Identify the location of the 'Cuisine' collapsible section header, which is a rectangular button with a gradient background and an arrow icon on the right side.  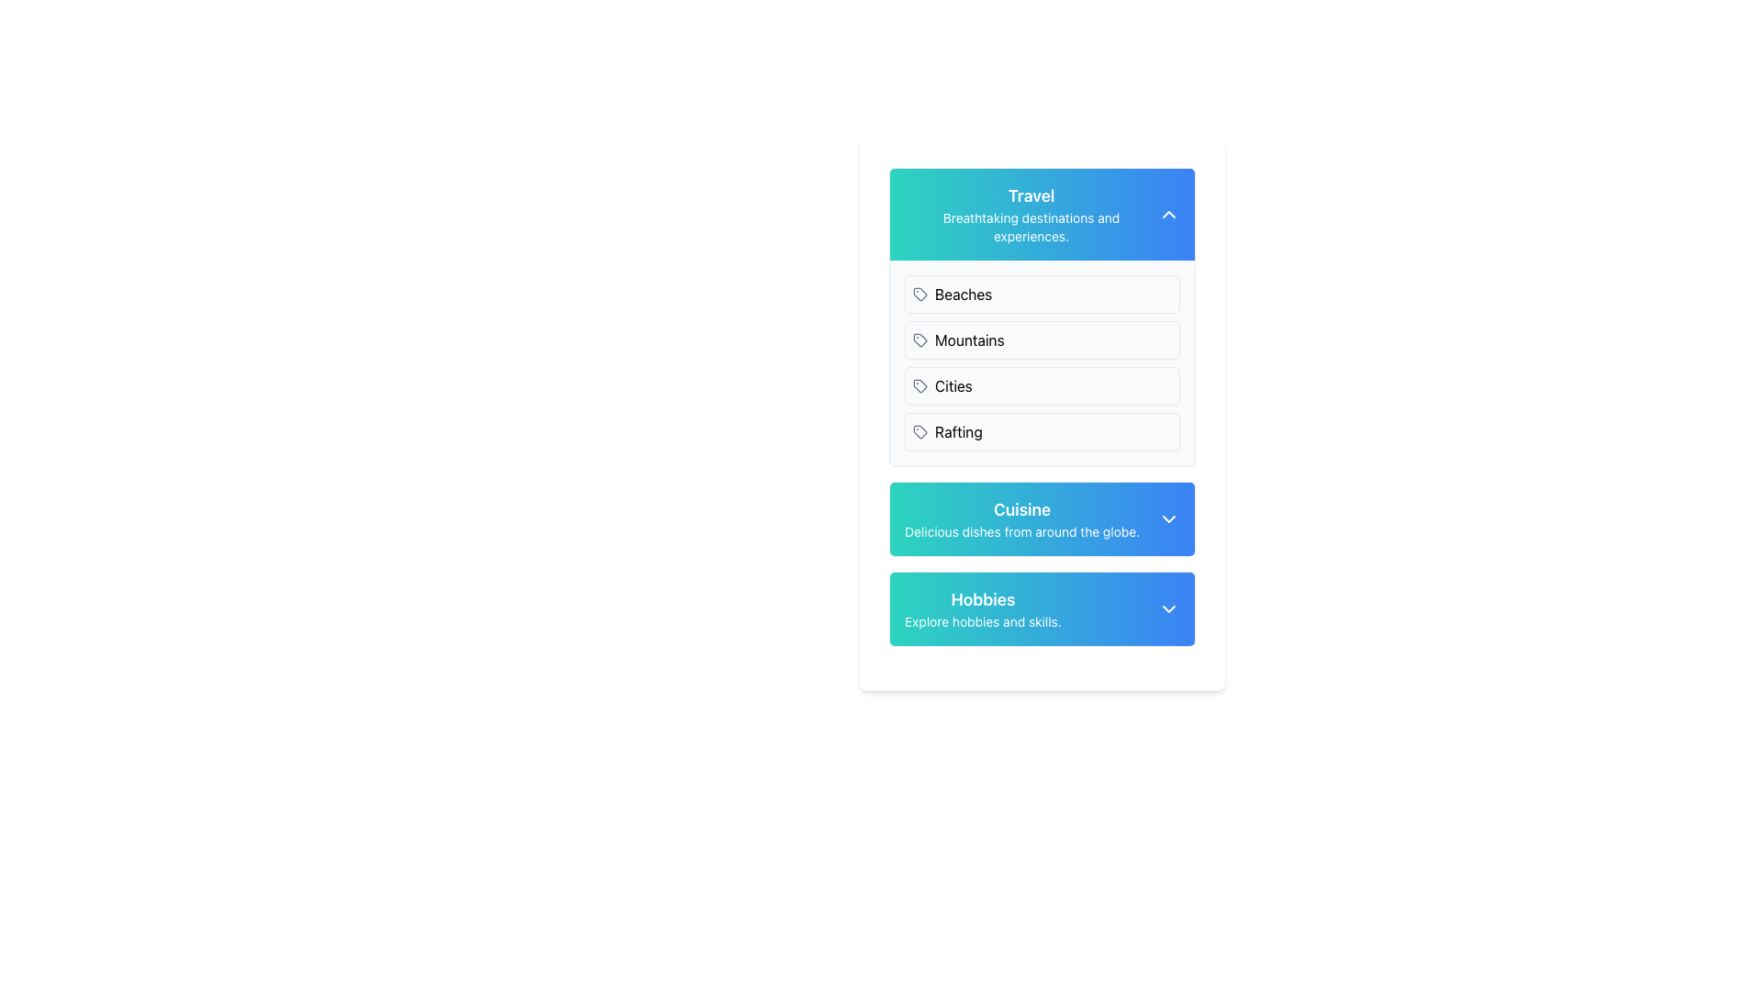
(1043, 519).